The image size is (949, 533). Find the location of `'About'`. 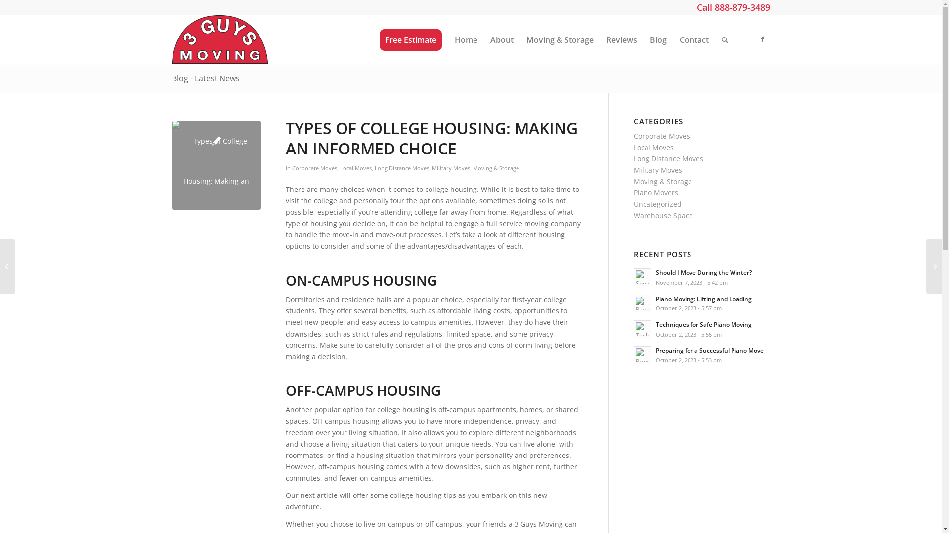

'About' is located at coordinates (483, 39).